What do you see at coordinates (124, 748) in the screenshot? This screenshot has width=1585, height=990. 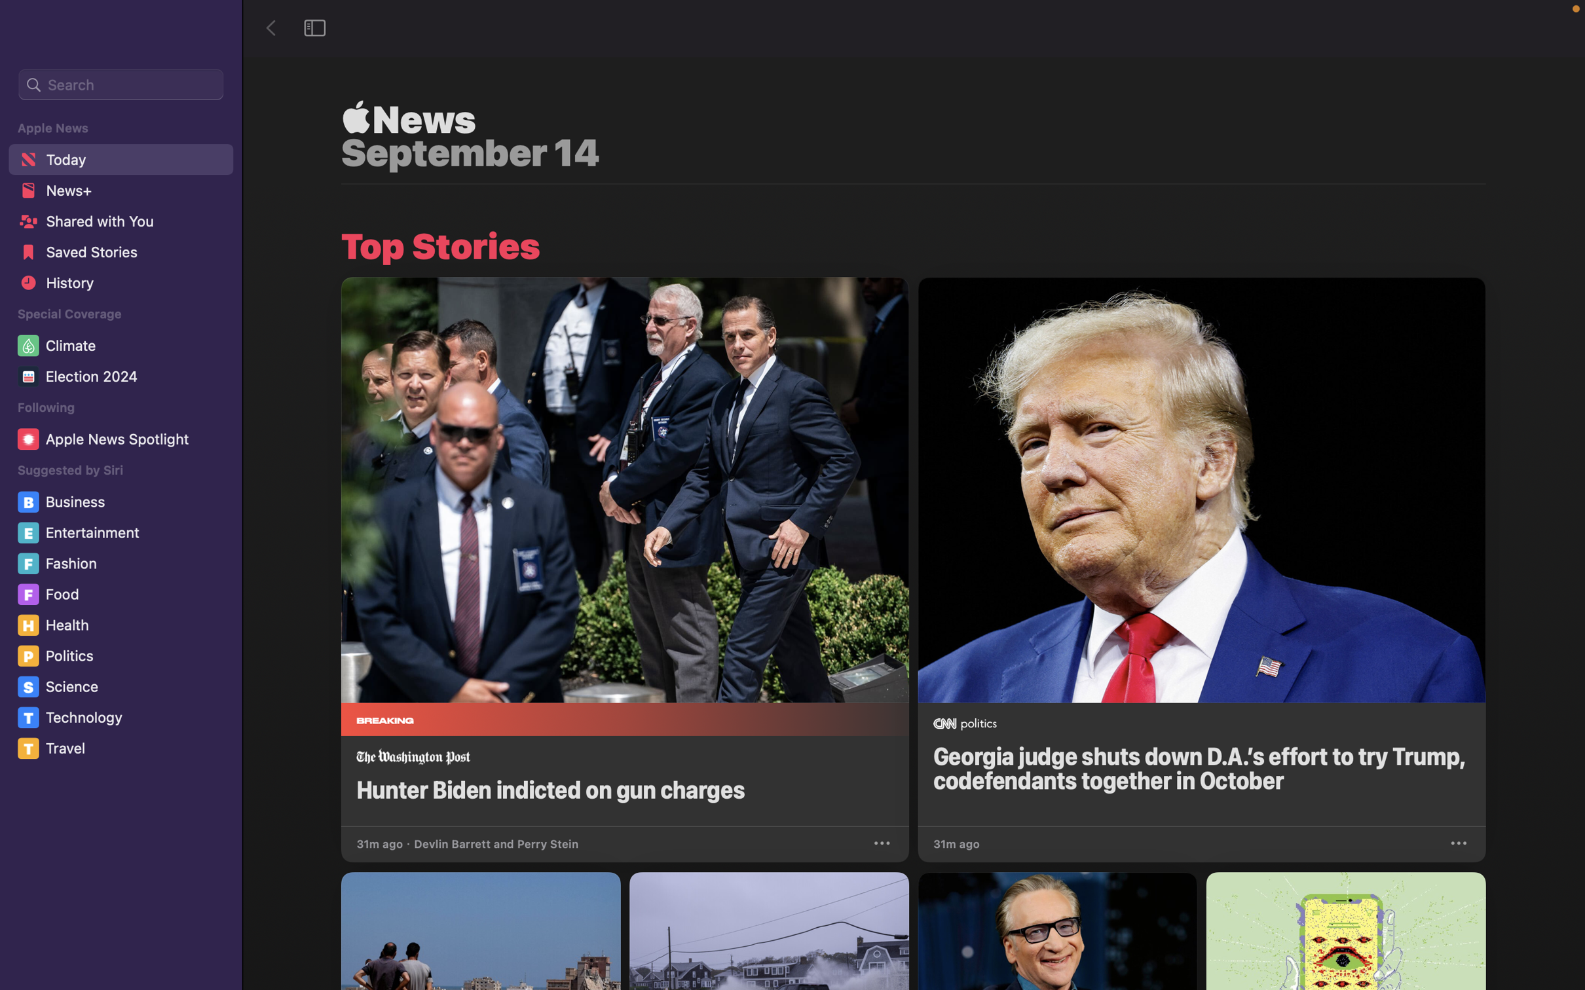 I see `the "Travel" domain` at bounding box center [124, 748].